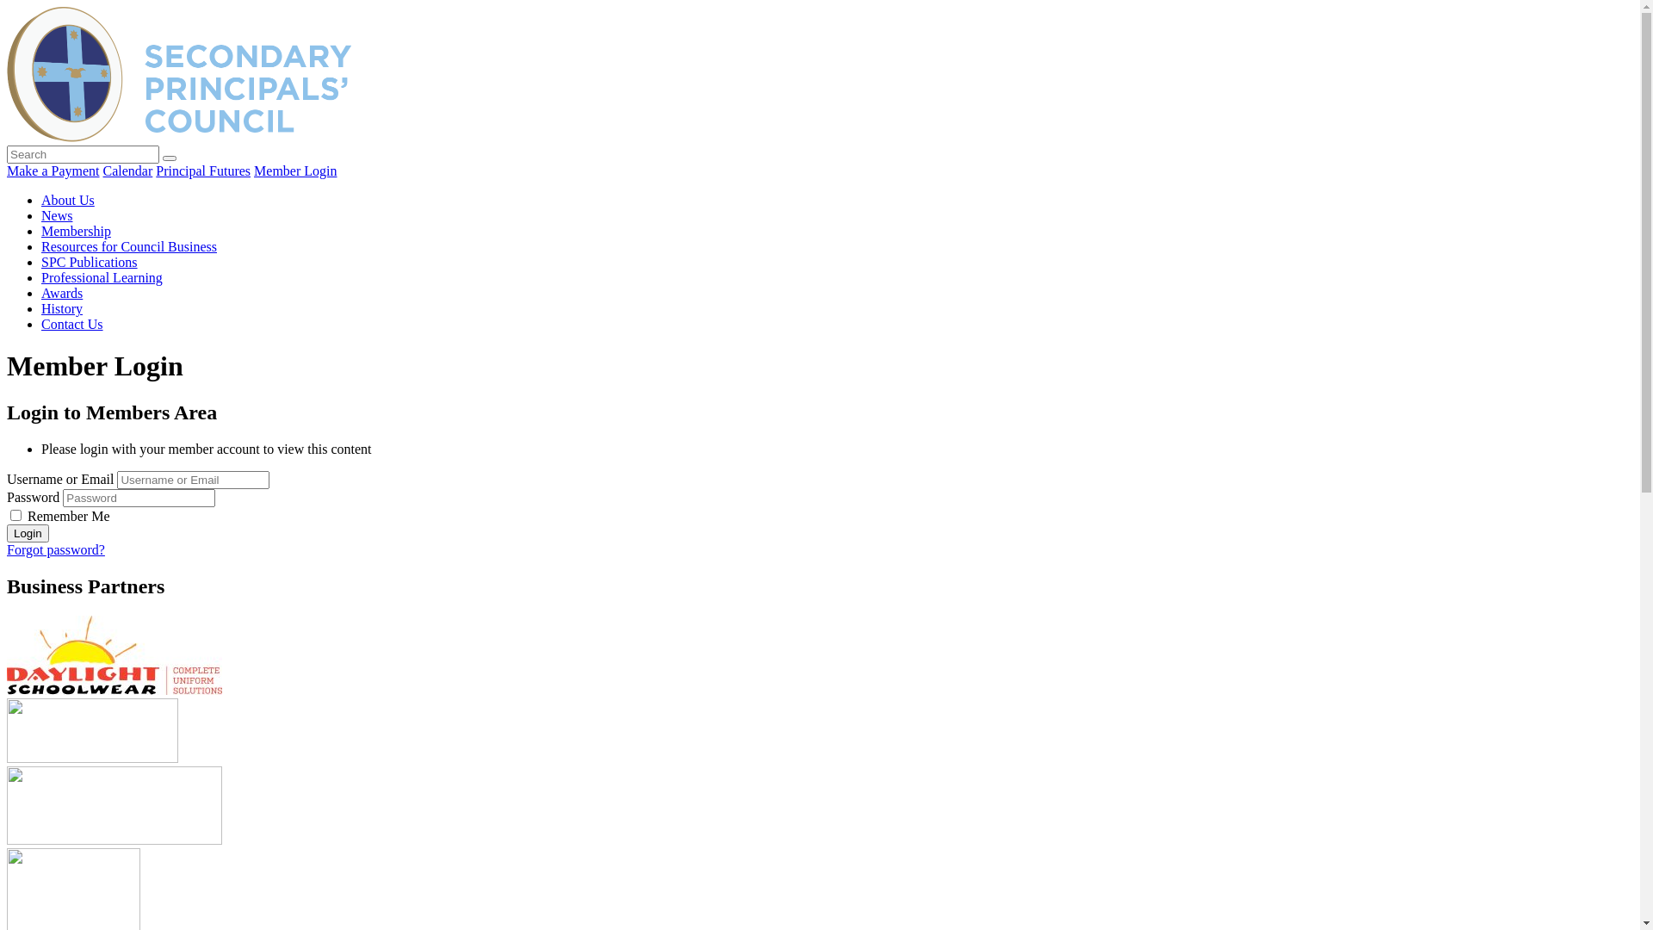 The height and width of the screenshot is (930, 1653). What do you see at coordinates (41, 324) in the screenshot?
I see `'Contact Us'` at bounding box center [41, 324].